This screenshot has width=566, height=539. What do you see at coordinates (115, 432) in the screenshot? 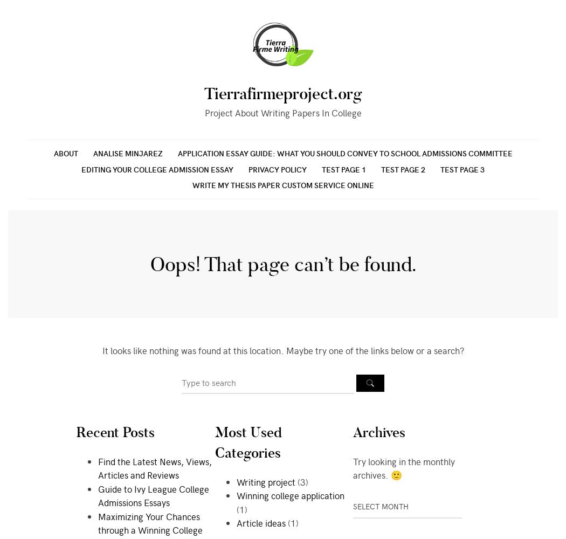
I see `'Recent Posts'` at bounding box center [115, 432].